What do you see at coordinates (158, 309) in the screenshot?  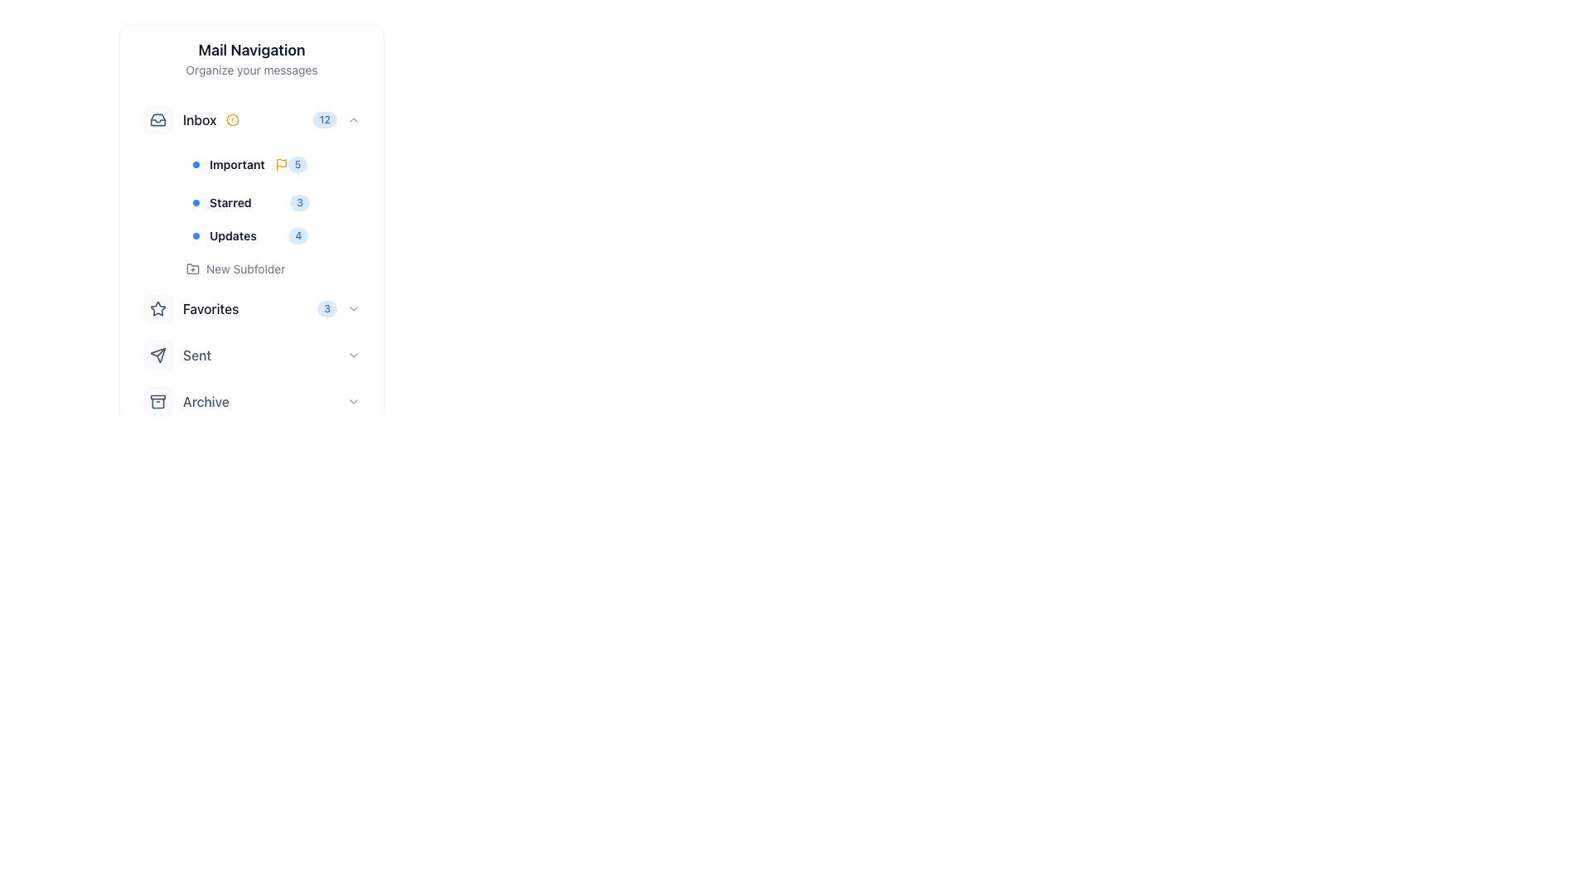 I see `the five-pointed star icon in the 'Favorites' section of the left navigation pane to interact with its related function` at bounding box center [158, 309].